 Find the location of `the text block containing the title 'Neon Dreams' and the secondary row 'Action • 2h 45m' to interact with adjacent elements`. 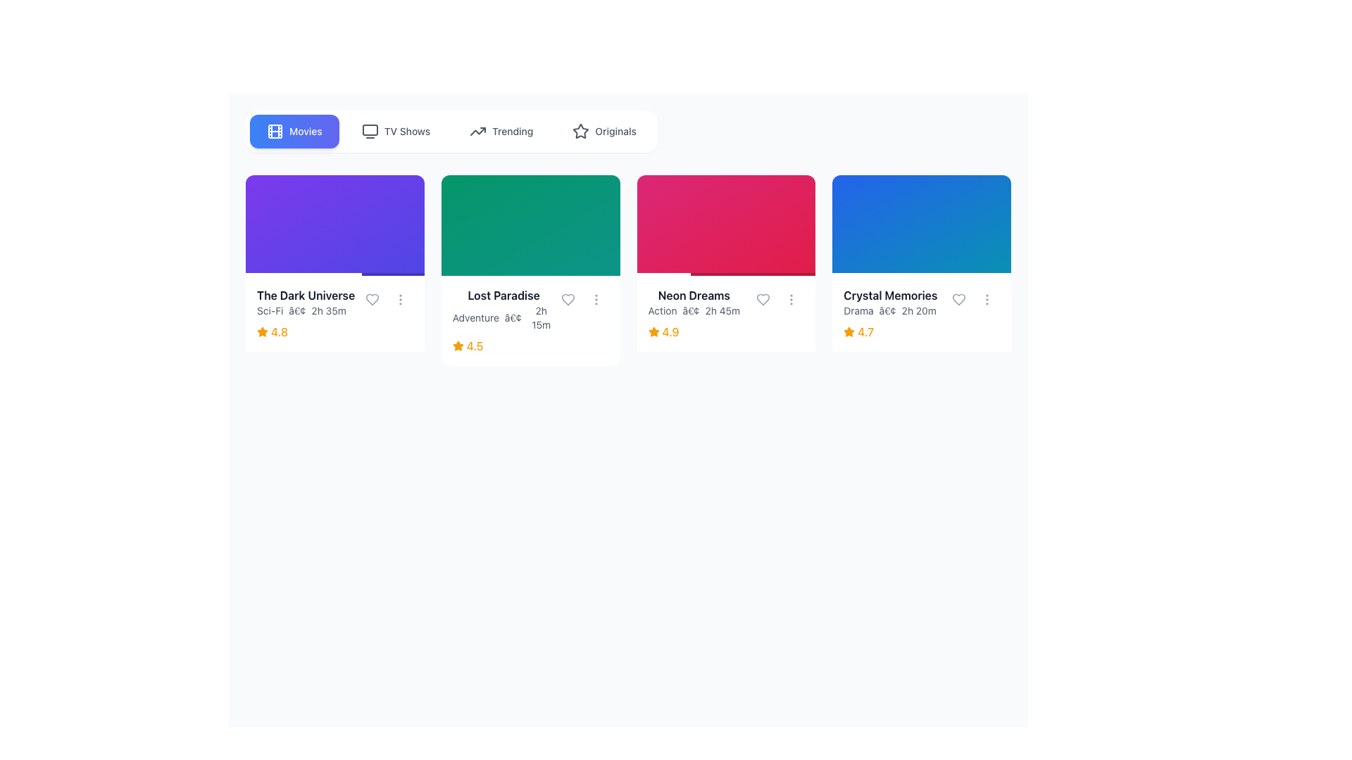

the text block containing the title 'Neon Dreams' and the secondary row 'Action • 2h 45m' to interact with adjacent elements is located at coordinates (726, 301).